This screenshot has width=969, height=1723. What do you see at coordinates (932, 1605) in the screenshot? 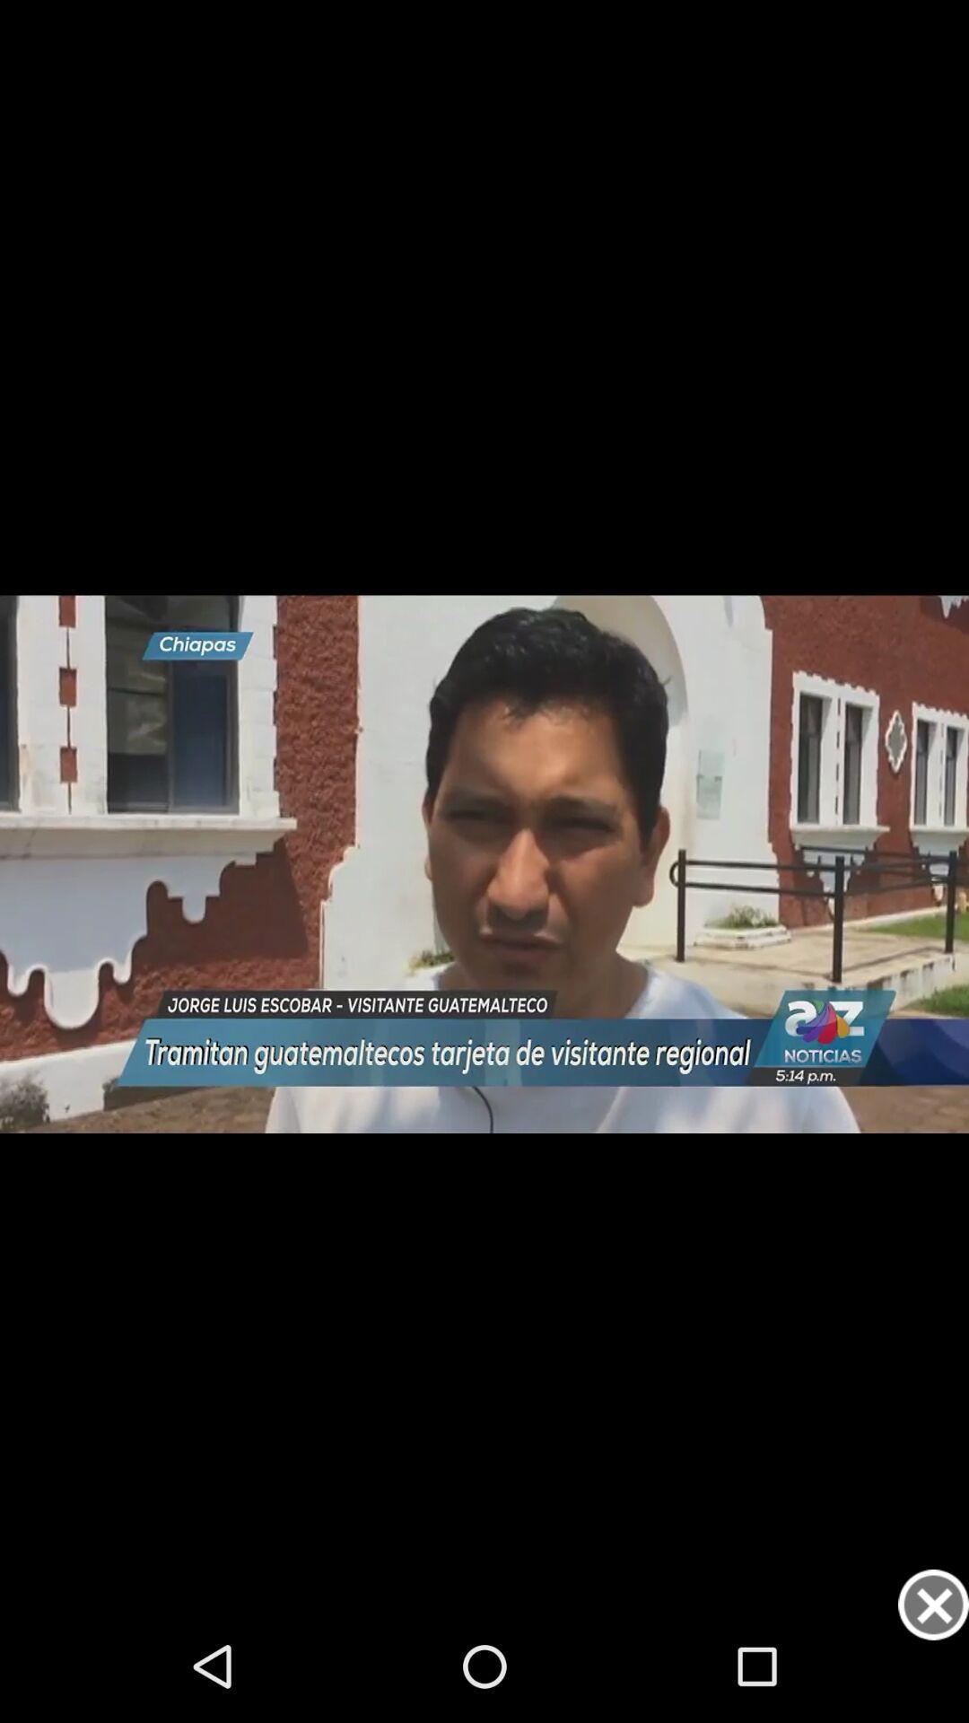
I see `option` at bounding box center [932, 1605].